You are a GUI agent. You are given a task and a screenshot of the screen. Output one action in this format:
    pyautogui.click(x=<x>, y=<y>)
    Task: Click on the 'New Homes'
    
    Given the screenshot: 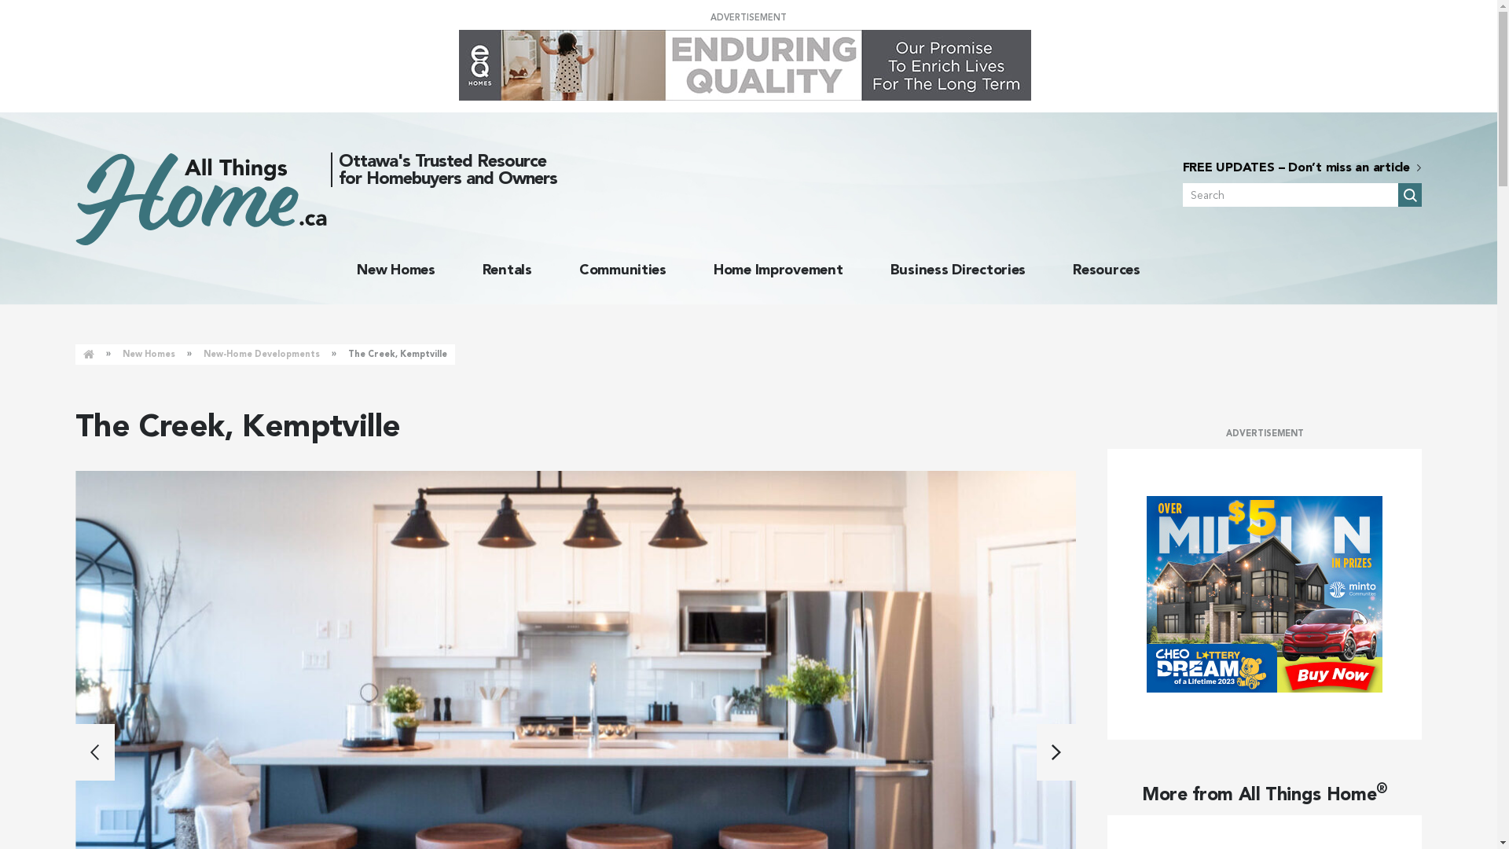 What is the action you would take?
    pyautogui.click(x=396, y=269)
    